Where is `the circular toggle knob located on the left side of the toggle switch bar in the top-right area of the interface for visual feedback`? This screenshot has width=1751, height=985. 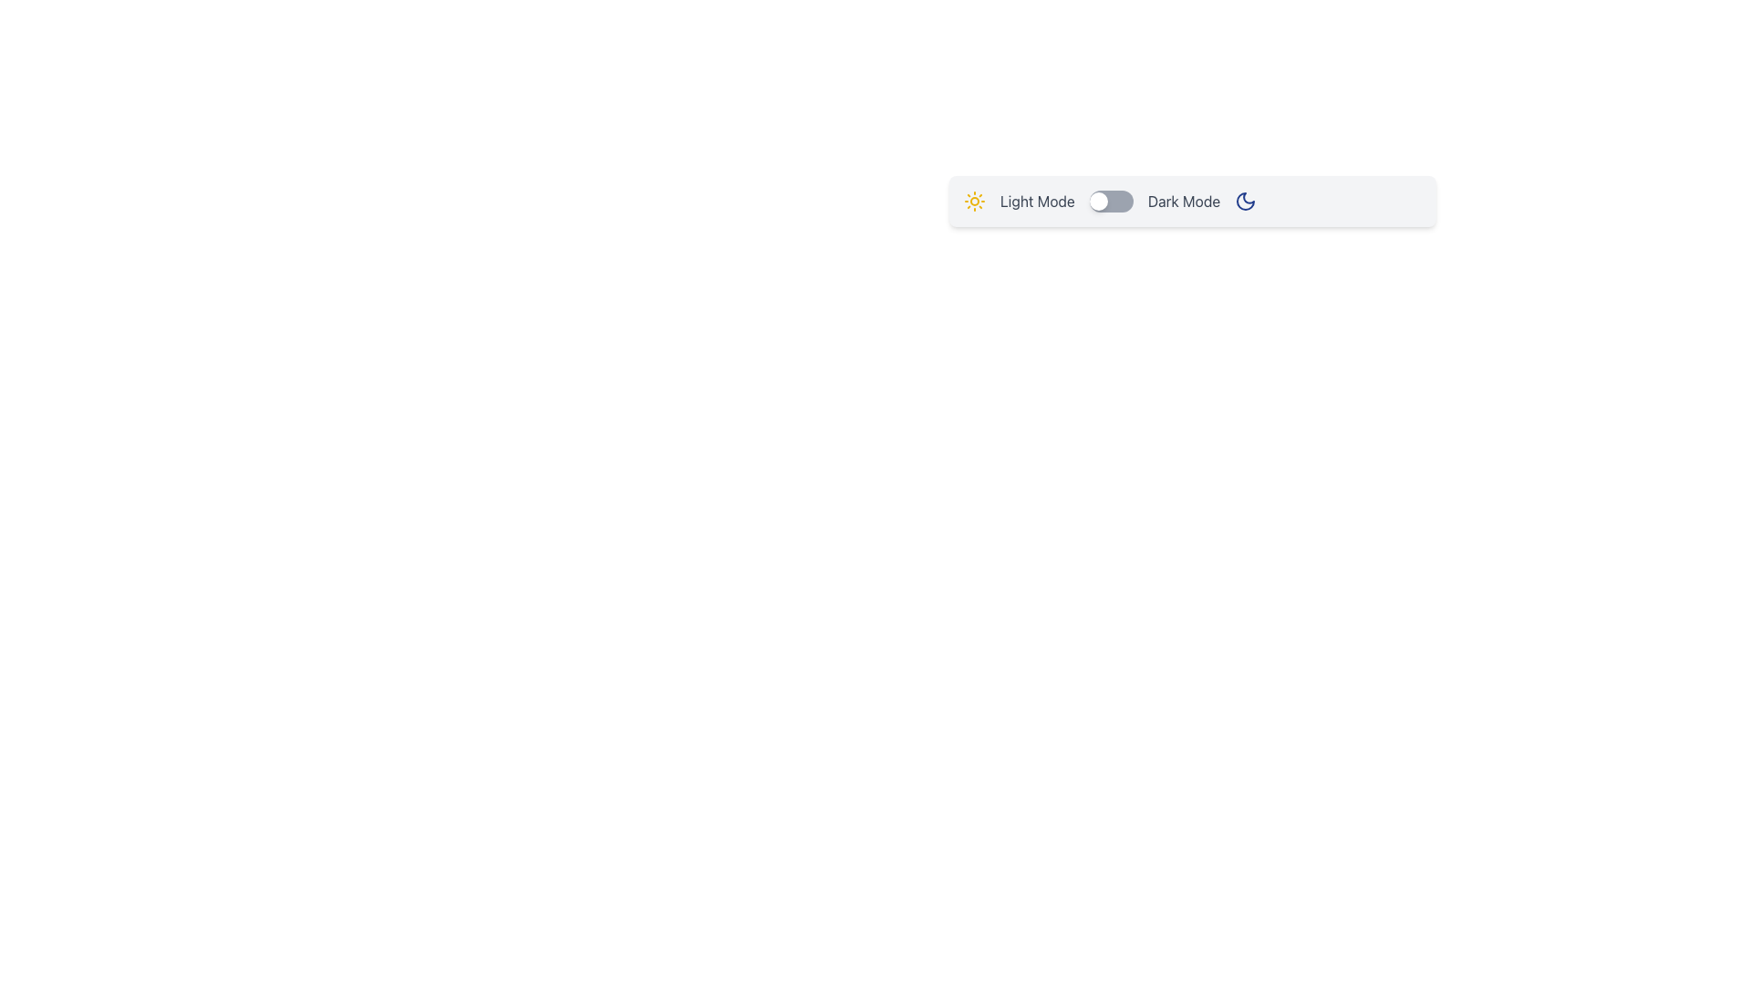 the circular toggle knob located on the left side of the toggle switch bar in the top-right area of the interface for visual feedback is located at coordinates (1097, 201).